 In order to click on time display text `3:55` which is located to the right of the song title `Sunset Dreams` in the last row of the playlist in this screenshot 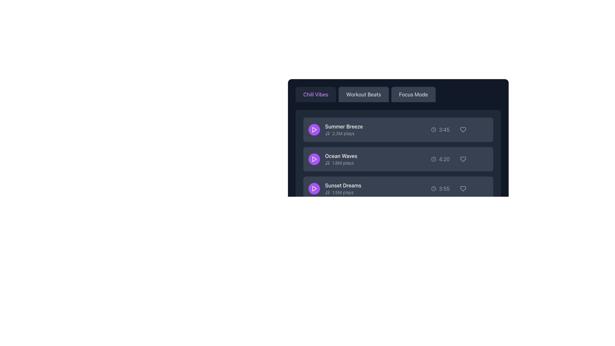, I will do `click(444, 188)`.